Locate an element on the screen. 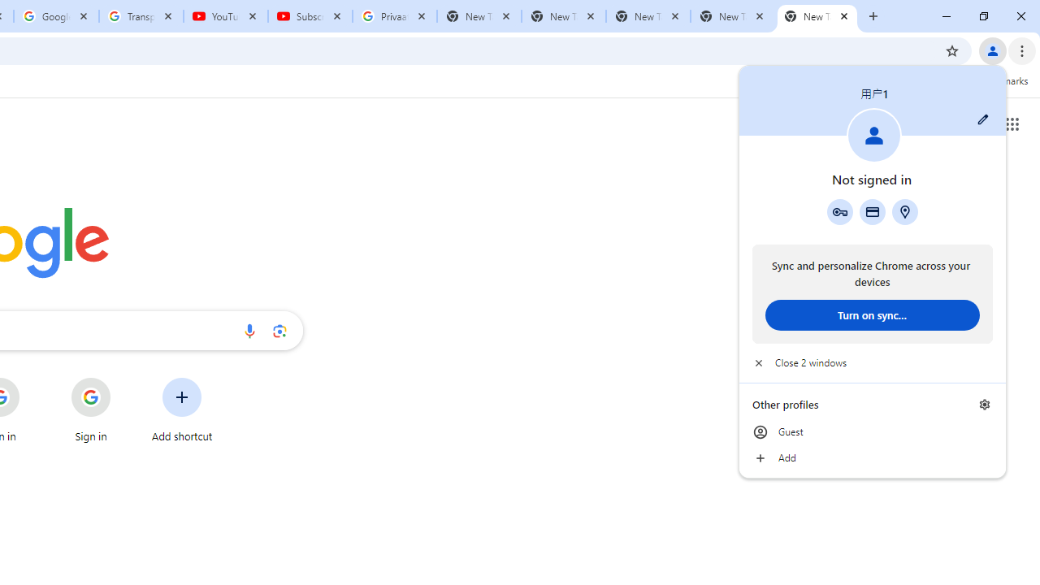 The image size is (1040, 585). 'Subscriptions - YouTube' is located at coordinates (310, 16).